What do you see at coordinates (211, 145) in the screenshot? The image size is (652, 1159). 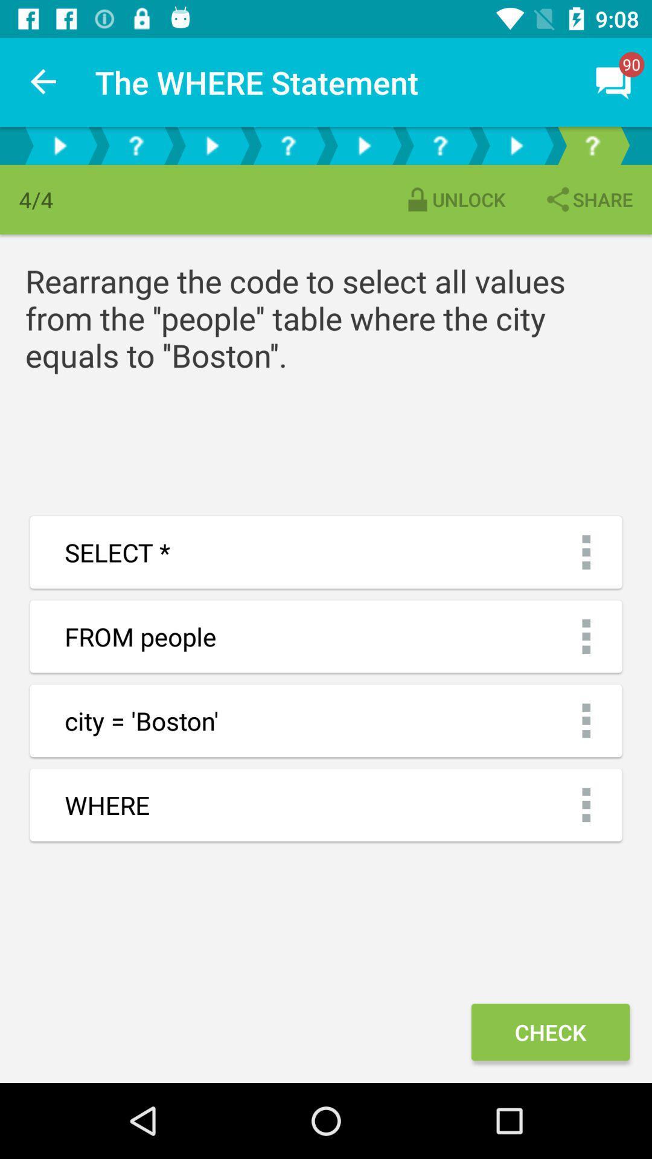 I see `previou` at bounding box center [211, 145].